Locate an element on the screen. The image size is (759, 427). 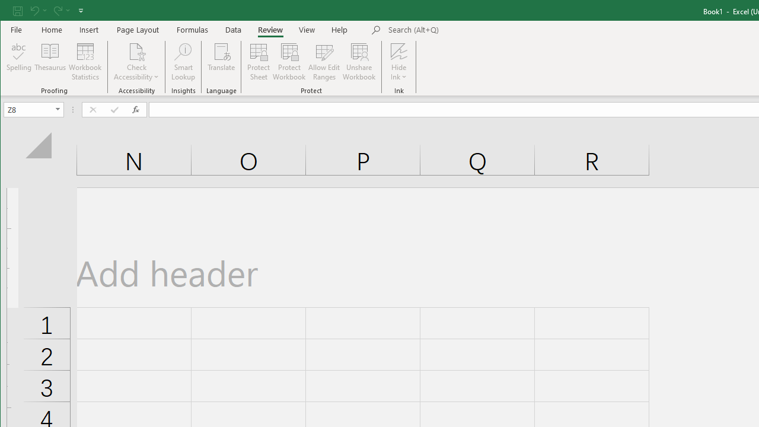
'Allow Edit Ranges' is located at coordinates (324, 62).